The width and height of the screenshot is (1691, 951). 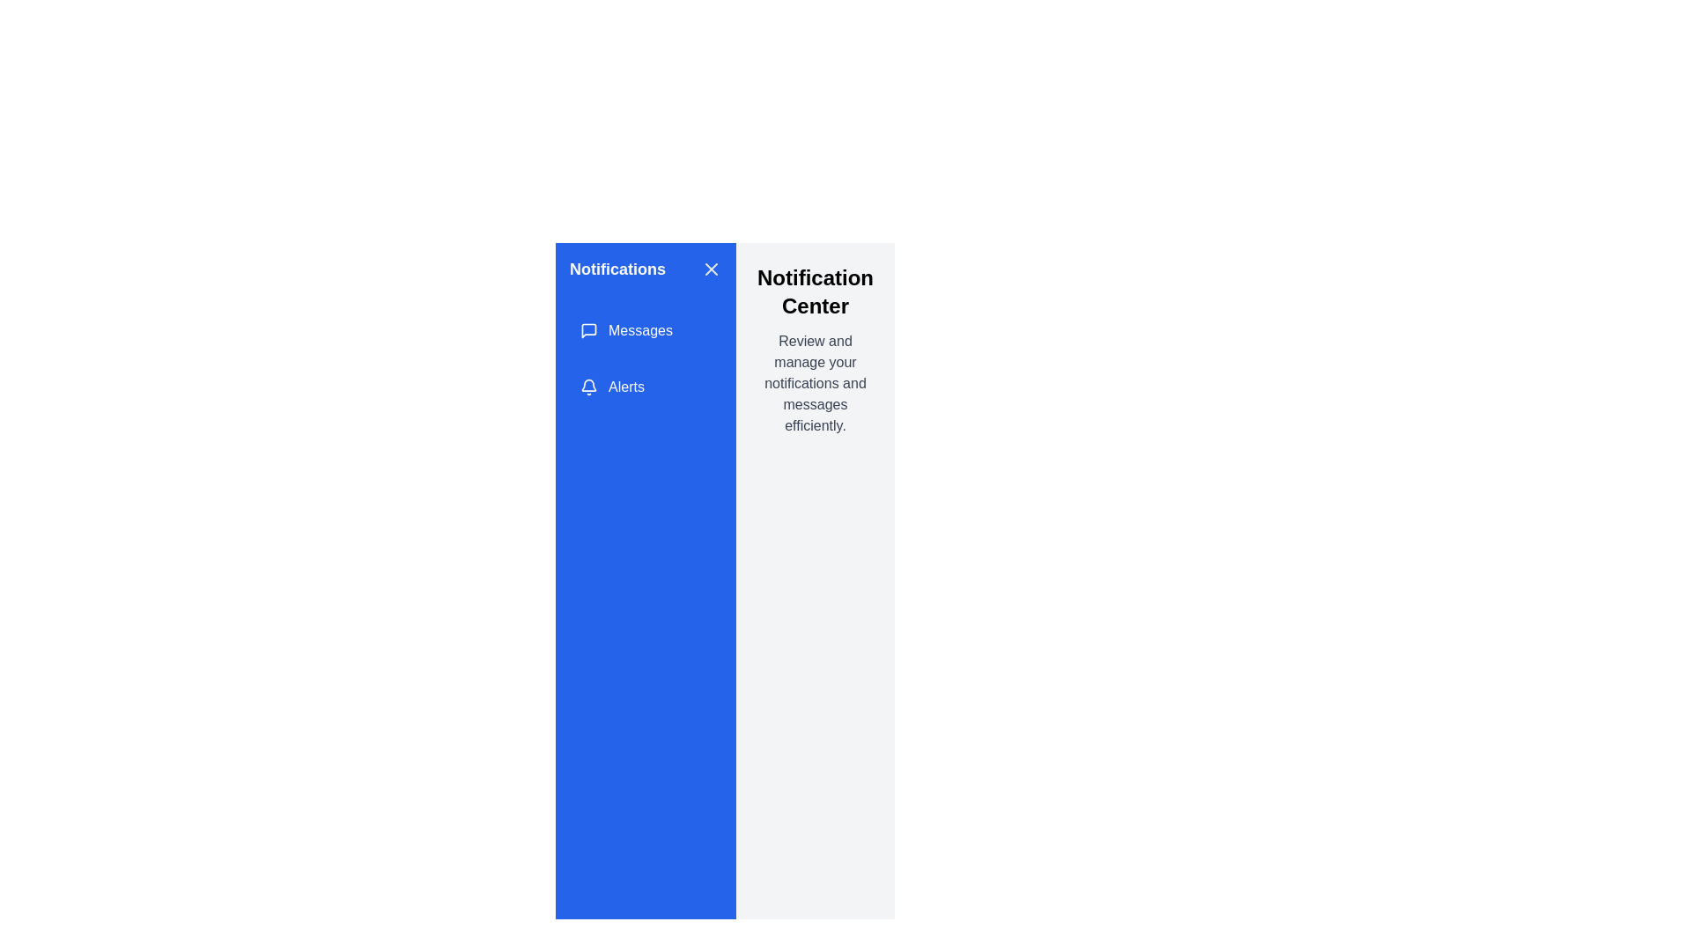 What do you see at coordinates (639, 330) in the screenshot?
I see `the 'Messages' label in the left sidebar menu, which is located to the right of the message bubble icon and above the 'Alerts' section, to trigger hover-based effects` at bounding box center [639, 330].